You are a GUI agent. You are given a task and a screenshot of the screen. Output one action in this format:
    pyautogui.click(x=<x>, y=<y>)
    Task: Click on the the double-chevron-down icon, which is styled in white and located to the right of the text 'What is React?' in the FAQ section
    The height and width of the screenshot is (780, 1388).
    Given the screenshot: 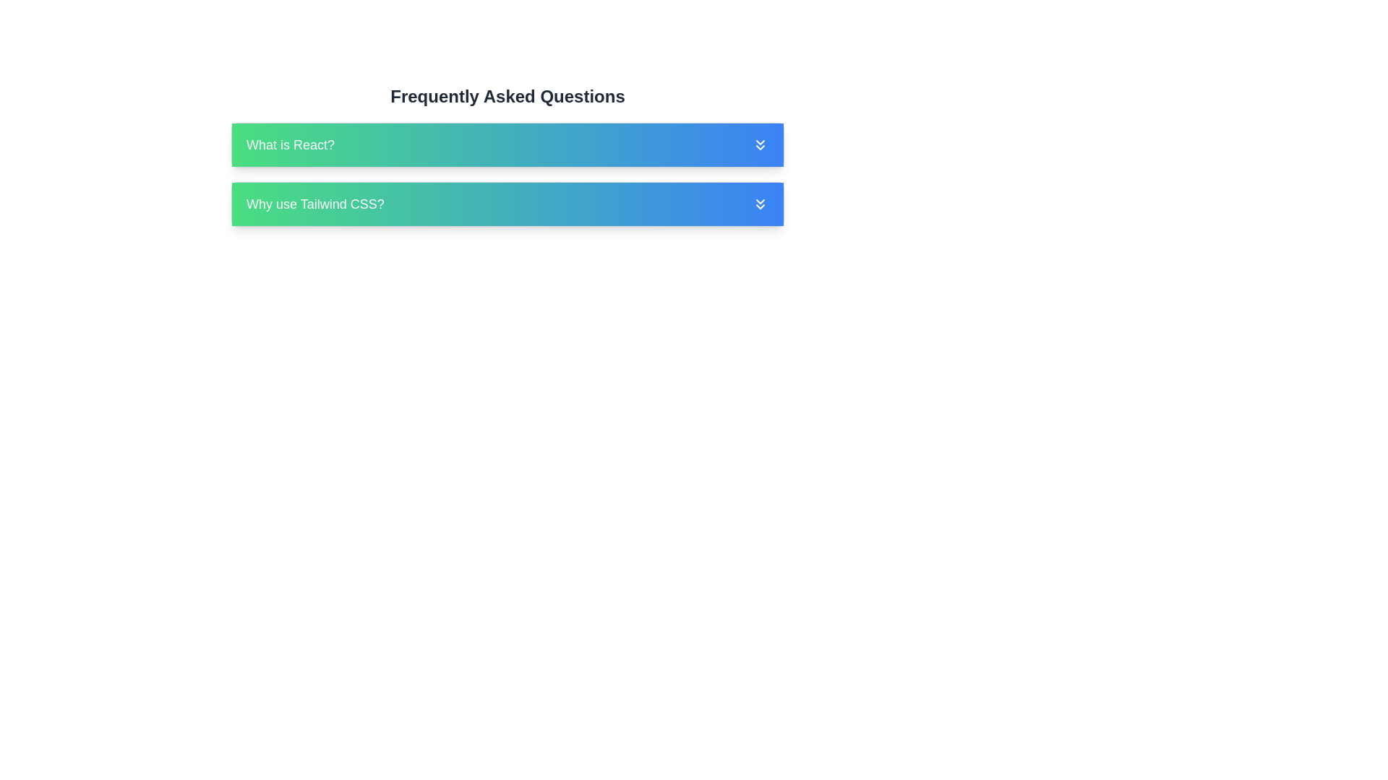 What is the action you would take?
    pyautogui.click(x=759, y=144)
    